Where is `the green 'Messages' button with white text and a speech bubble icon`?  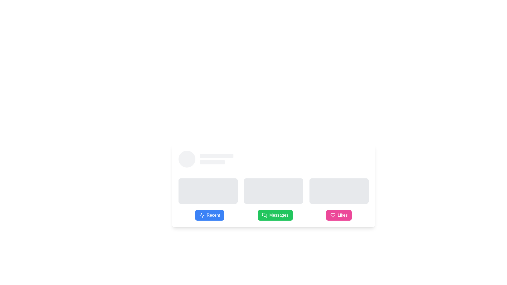
the green 'Messages' button with white text and a speech bubble icon is located at coordinates (273, 215).